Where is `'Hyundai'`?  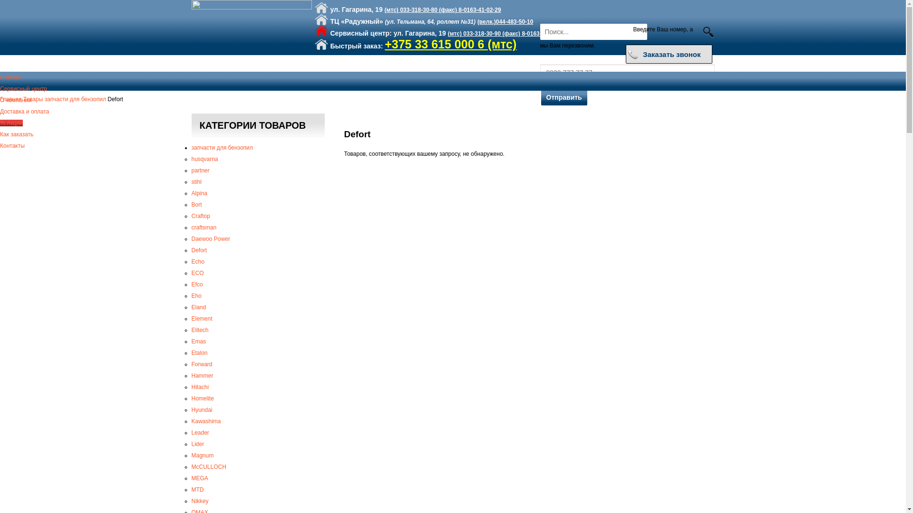 'Hyundai' is located at coordinates (201, 409).